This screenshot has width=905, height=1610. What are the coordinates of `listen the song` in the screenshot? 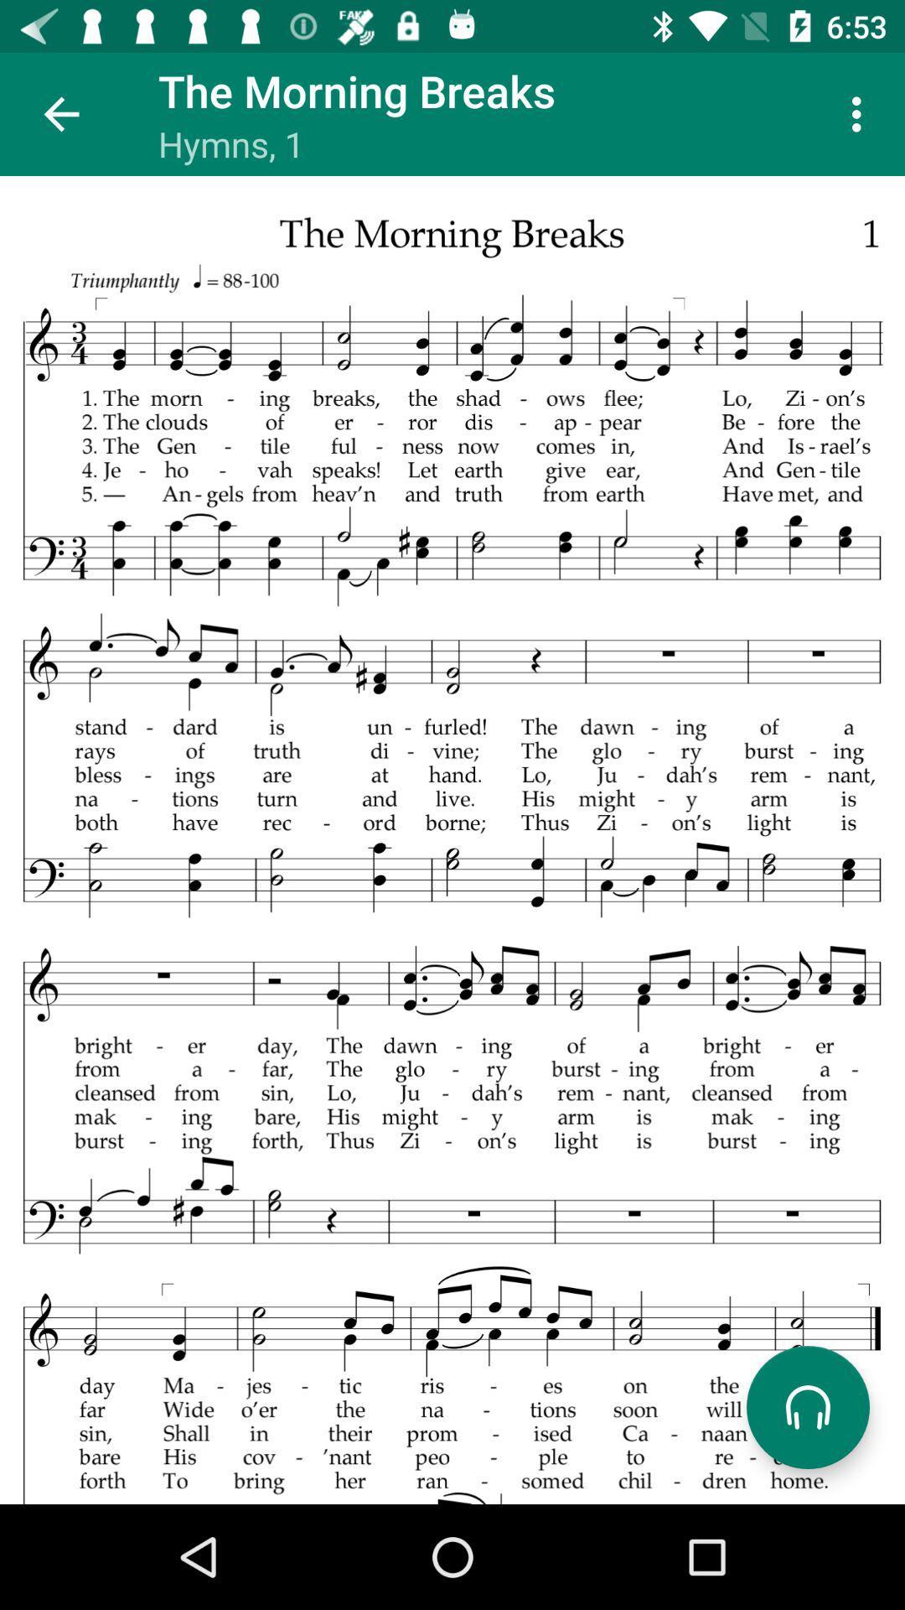 It's located at (807, 1407).